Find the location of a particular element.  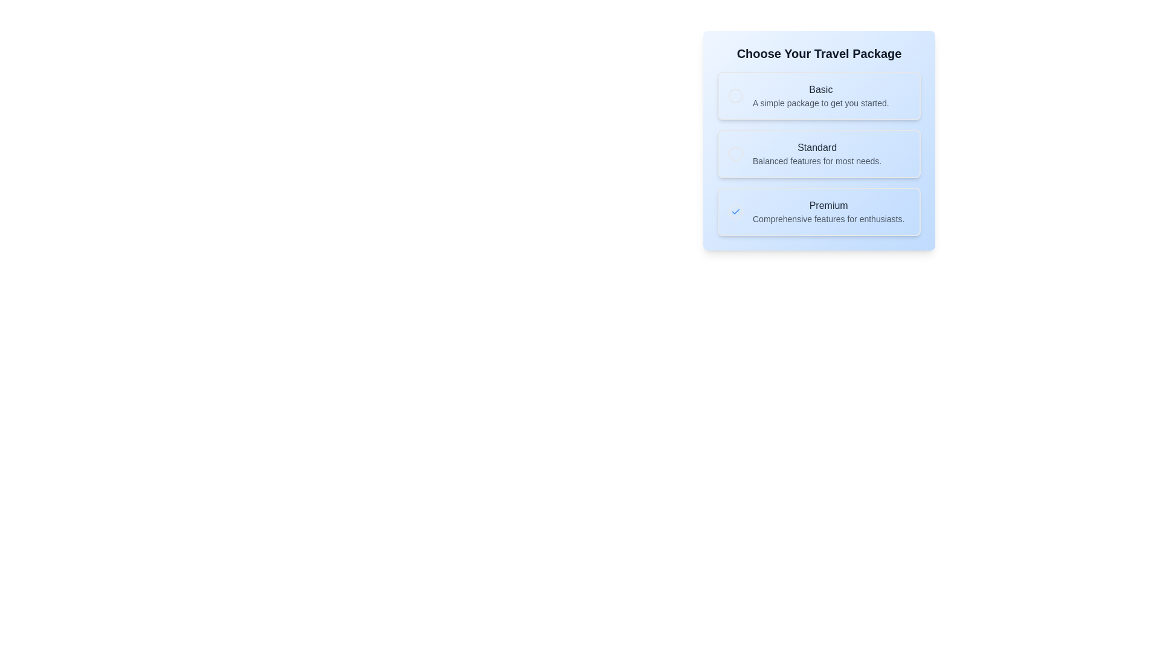

the 'Premium' selectable card element, which is the third option in the list of travel packages is located at coordinates (819, 211).